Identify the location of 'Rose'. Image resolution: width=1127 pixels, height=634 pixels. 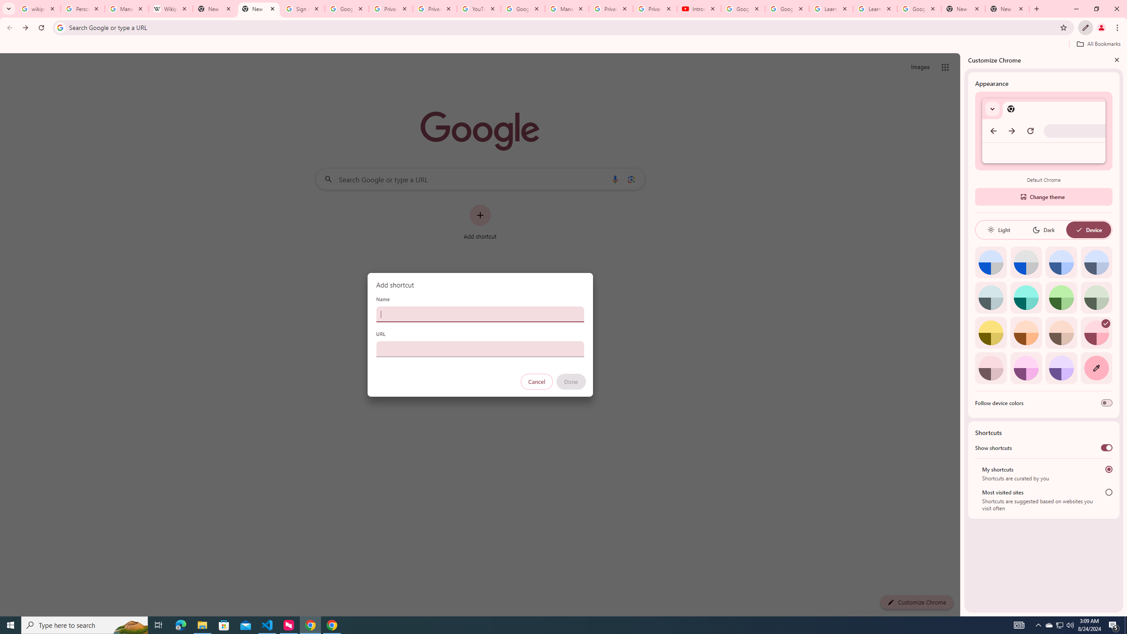
(1096, 332).